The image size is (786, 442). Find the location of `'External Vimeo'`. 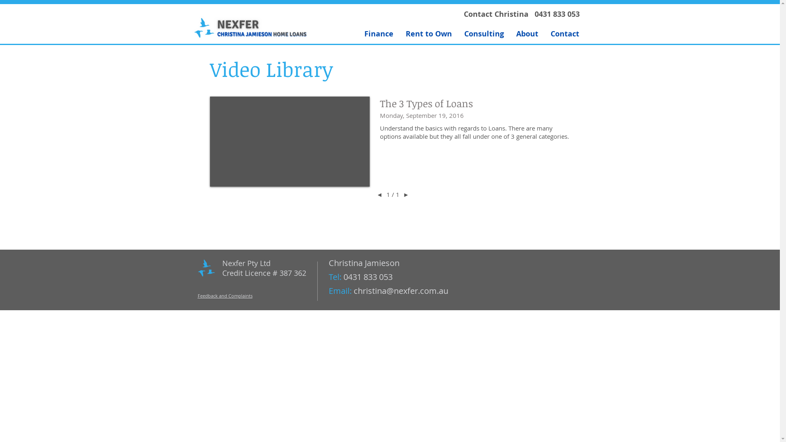

'External Vimeo' is located at coordinates (289, 141).